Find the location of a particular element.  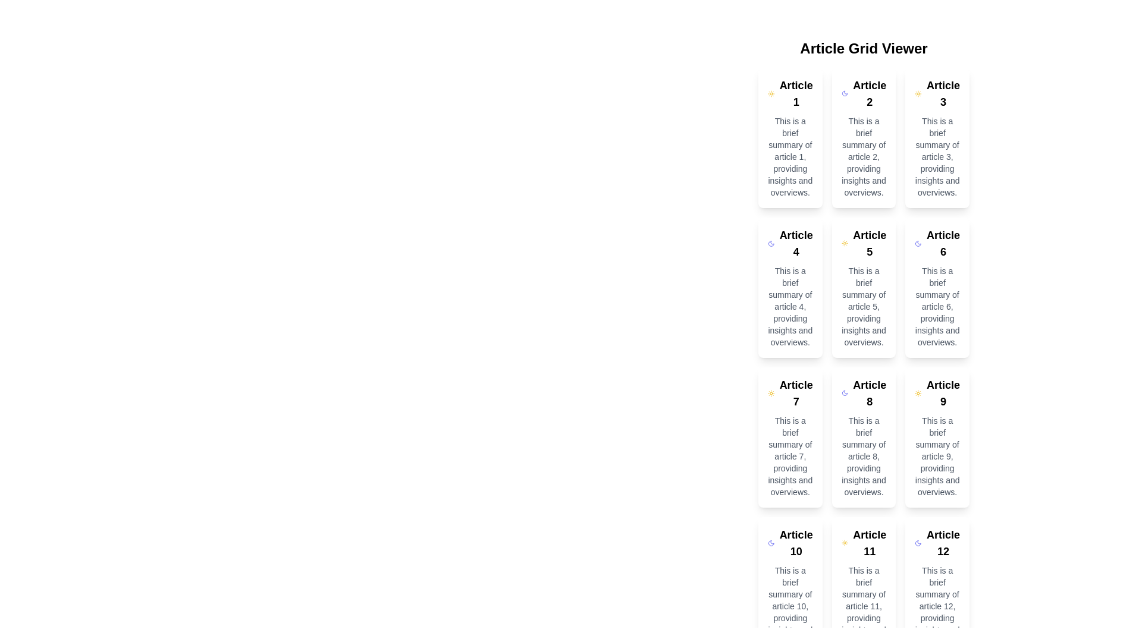

the multi-line text block with gray color that reads 'This is a brief summary of article 8, providing insights and overviews.' positioned below the title of 'Article 8' is located at coordinates (864, 455).